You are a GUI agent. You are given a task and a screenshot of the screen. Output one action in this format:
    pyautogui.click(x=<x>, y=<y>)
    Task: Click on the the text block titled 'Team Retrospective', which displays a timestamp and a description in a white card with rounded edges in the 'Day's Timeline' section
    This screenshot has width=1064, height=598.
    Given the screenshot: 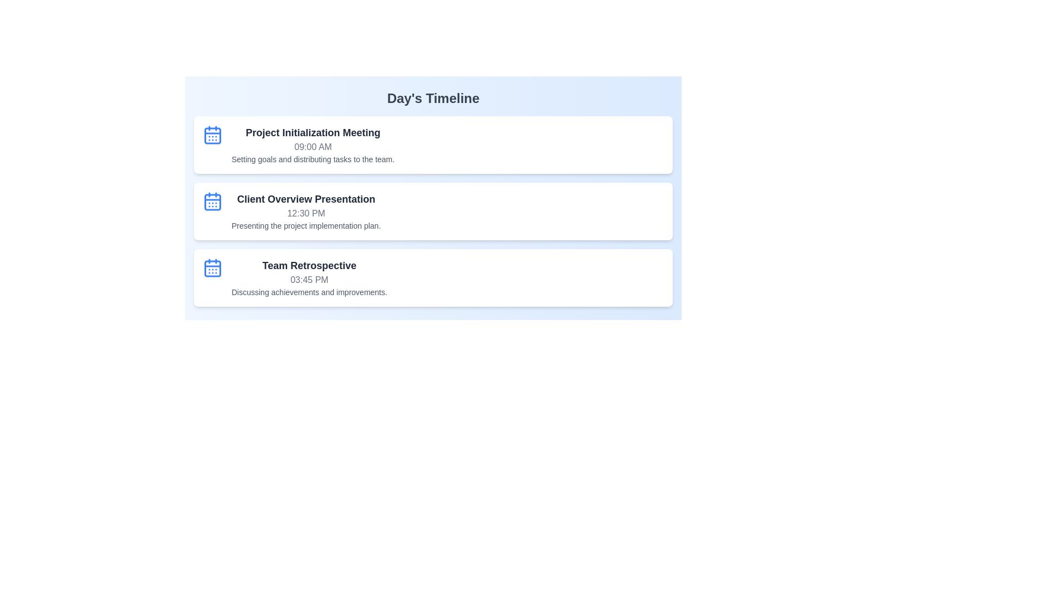 What is the action you would take?
    pyautogui.click(x=309, y=277)
    